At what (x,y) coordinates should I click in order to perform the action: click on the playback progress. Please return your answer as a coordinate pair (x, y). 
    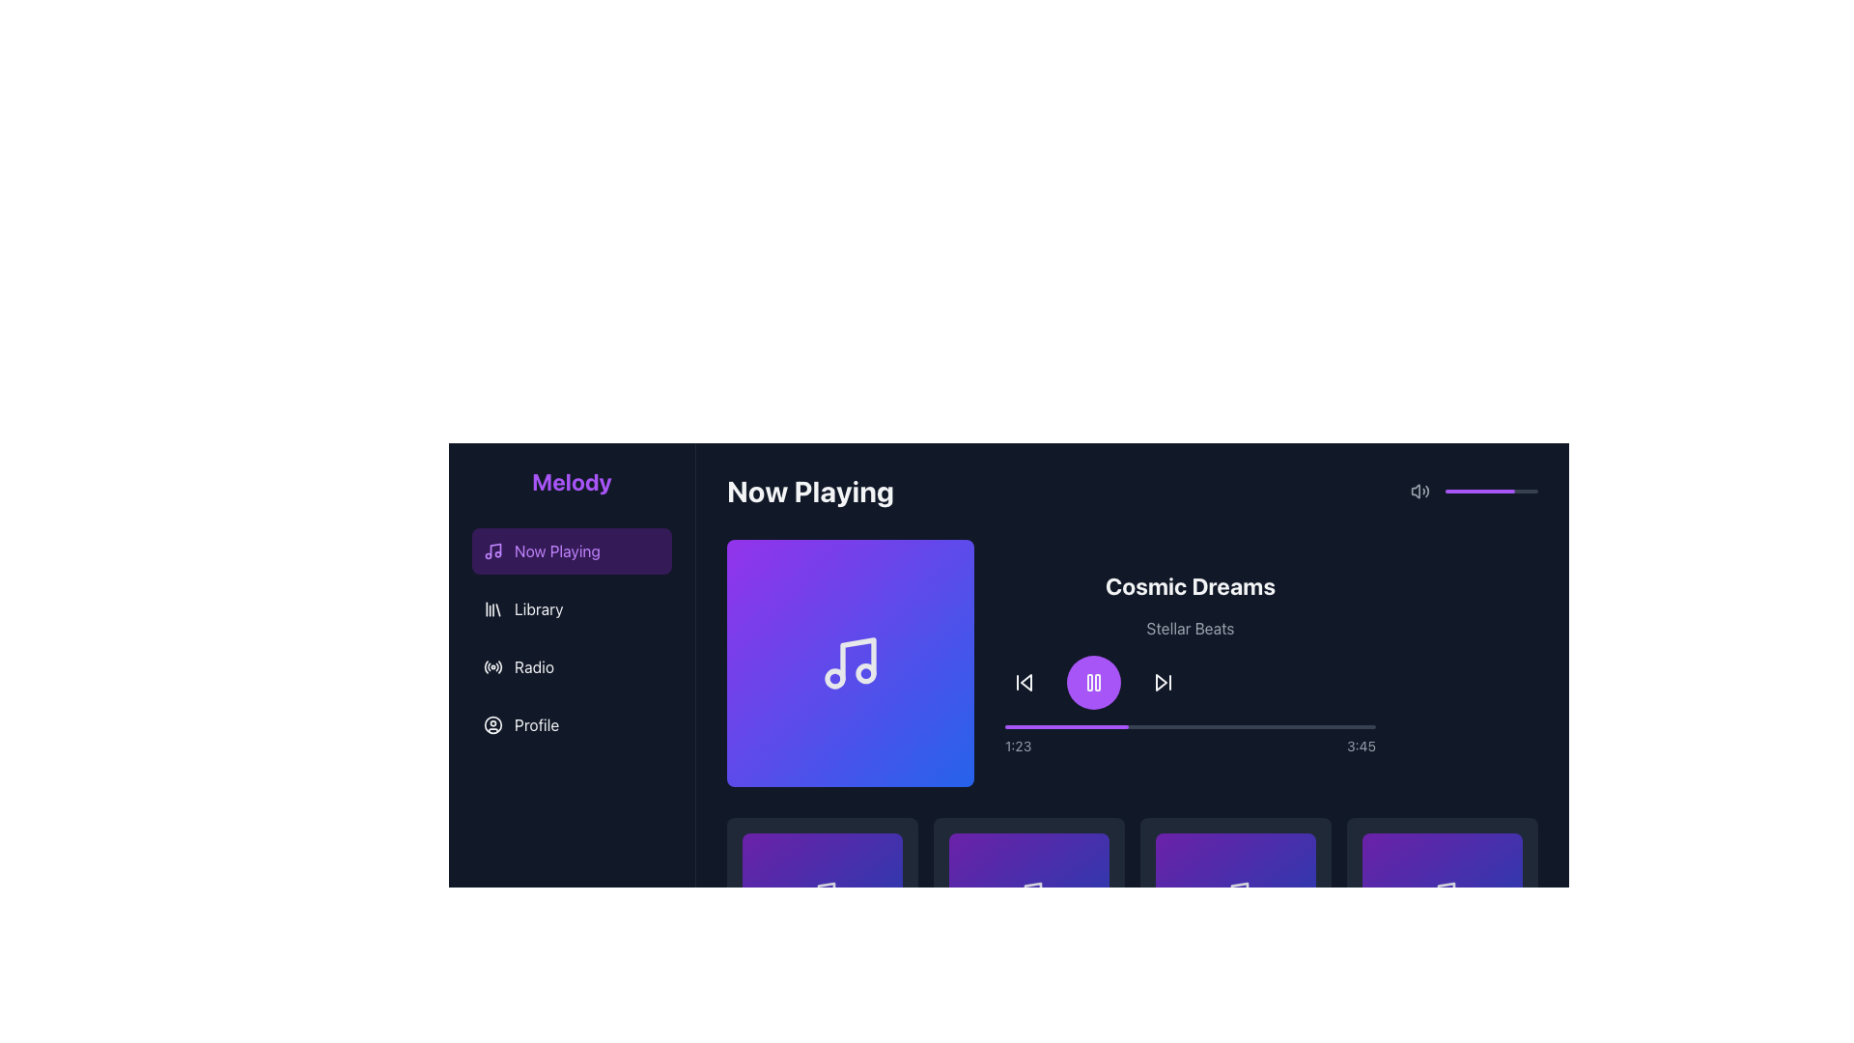
    Looking at the image, I should click on (1356, 726).